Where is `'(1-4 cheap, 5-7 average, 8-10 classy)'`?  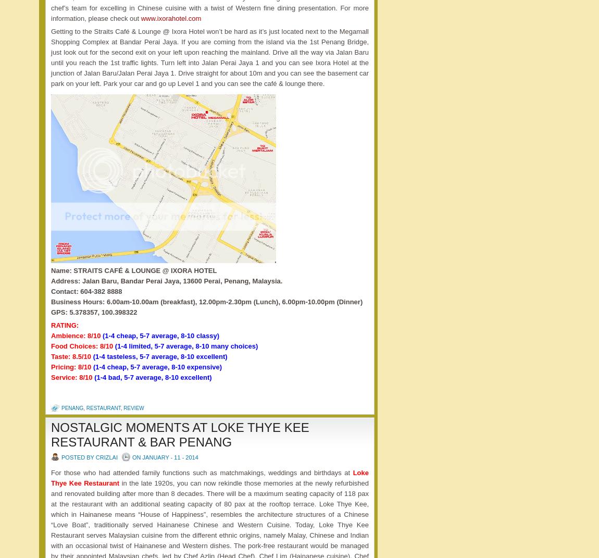
'(1-4 cheap, 5-7 average, 8-10 classy)' is located at coordinates (161, 334).